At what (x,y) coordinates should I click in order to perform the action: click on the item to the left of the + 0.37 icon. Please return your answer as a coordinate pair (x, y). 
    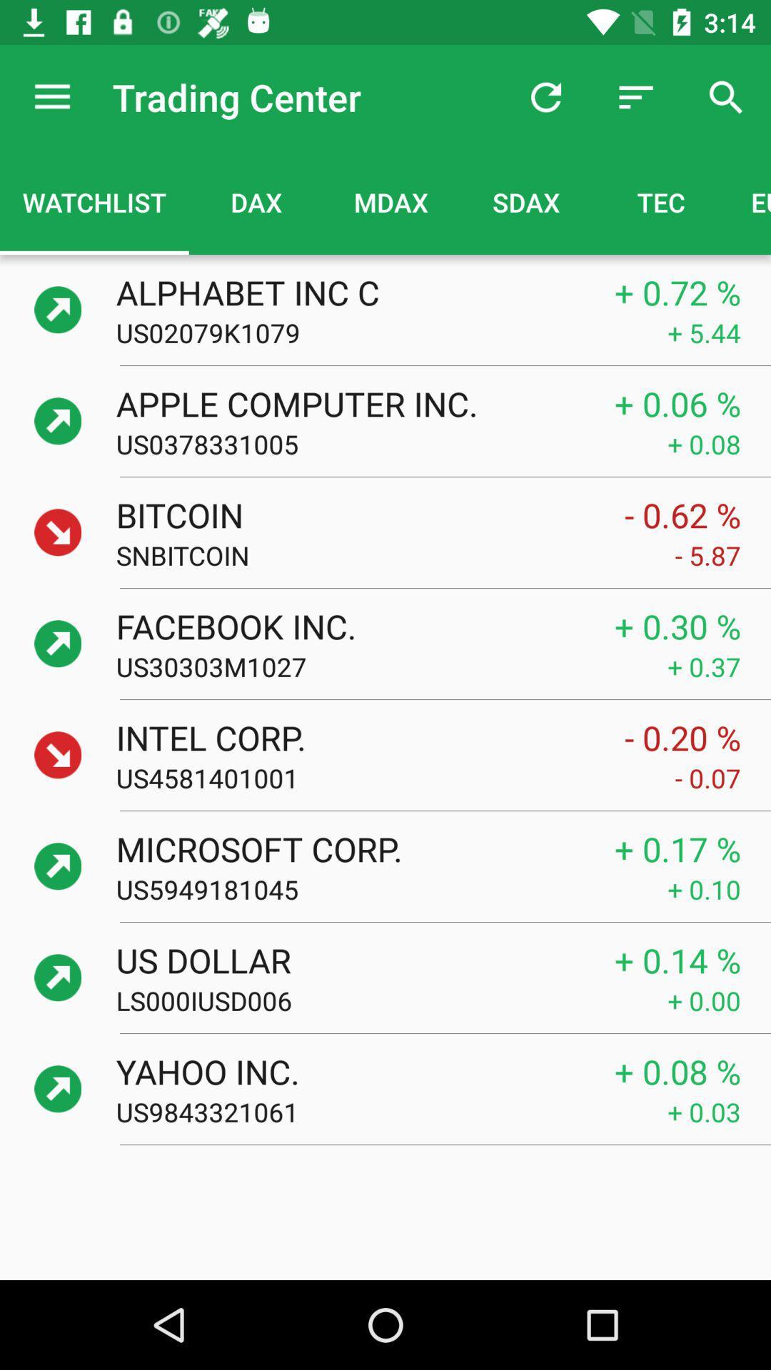
    Looking at the image, I should click on (391, 666).